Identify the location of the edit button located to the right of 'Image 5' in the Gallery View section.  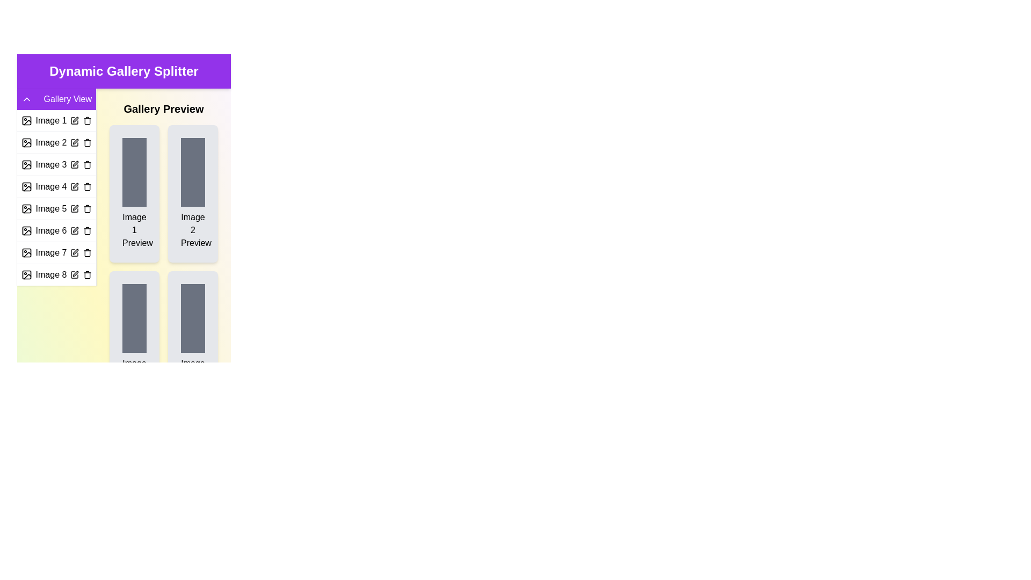
(75, 207).